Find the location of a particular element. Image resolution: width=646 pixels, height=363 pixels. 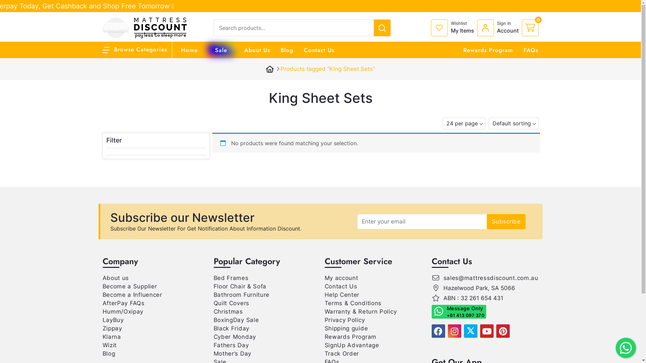

'Contact Us' is located at coordinates (318, 50).